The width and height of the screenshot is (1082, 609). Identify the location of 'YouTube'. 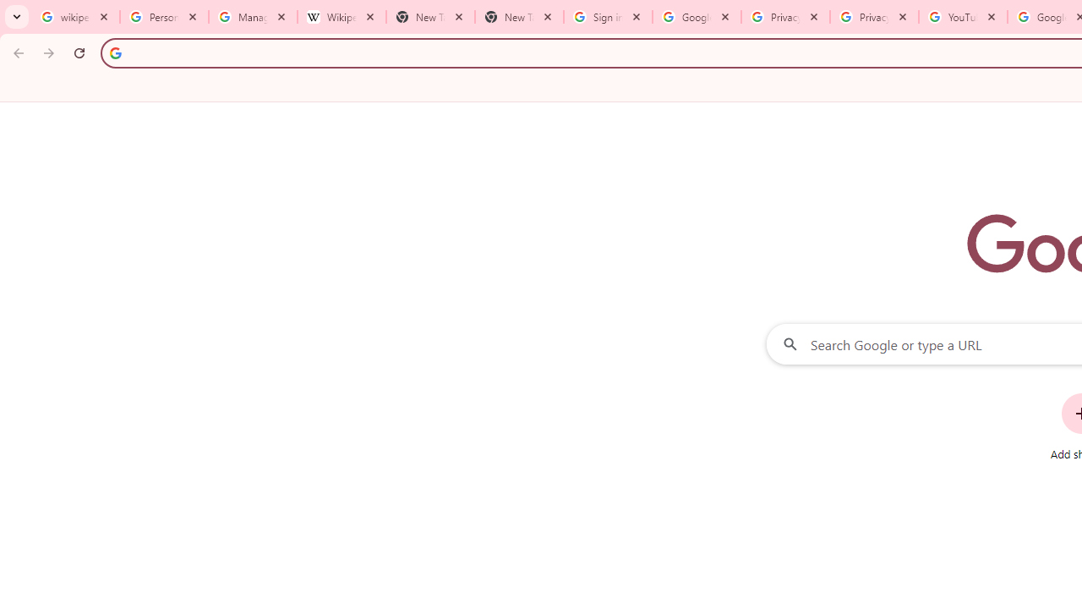
(963, 17).